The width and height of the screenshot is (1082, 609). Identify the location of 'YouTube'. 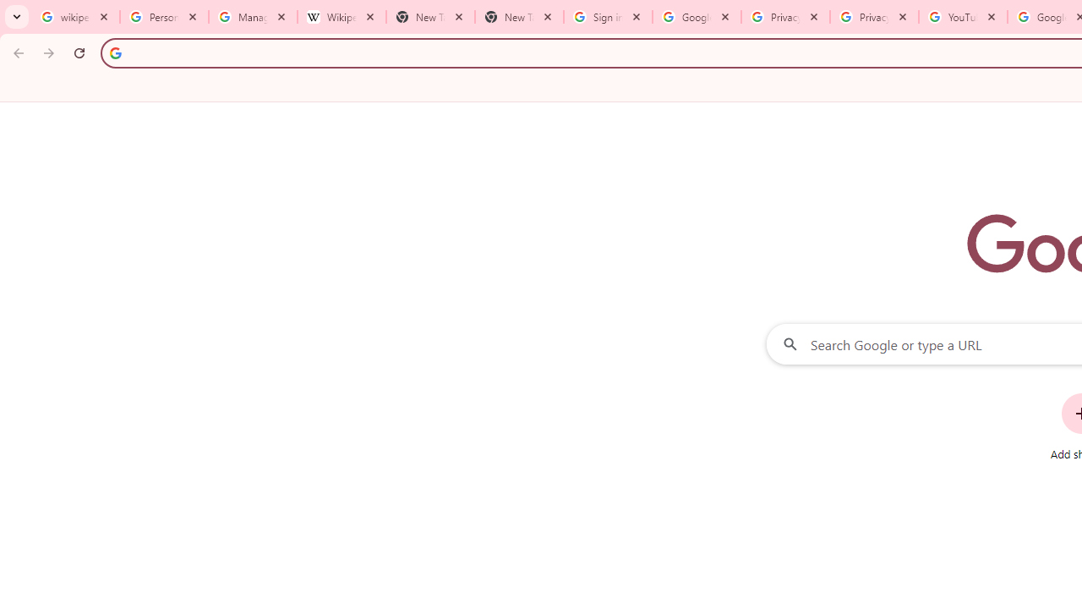
(963, 17).